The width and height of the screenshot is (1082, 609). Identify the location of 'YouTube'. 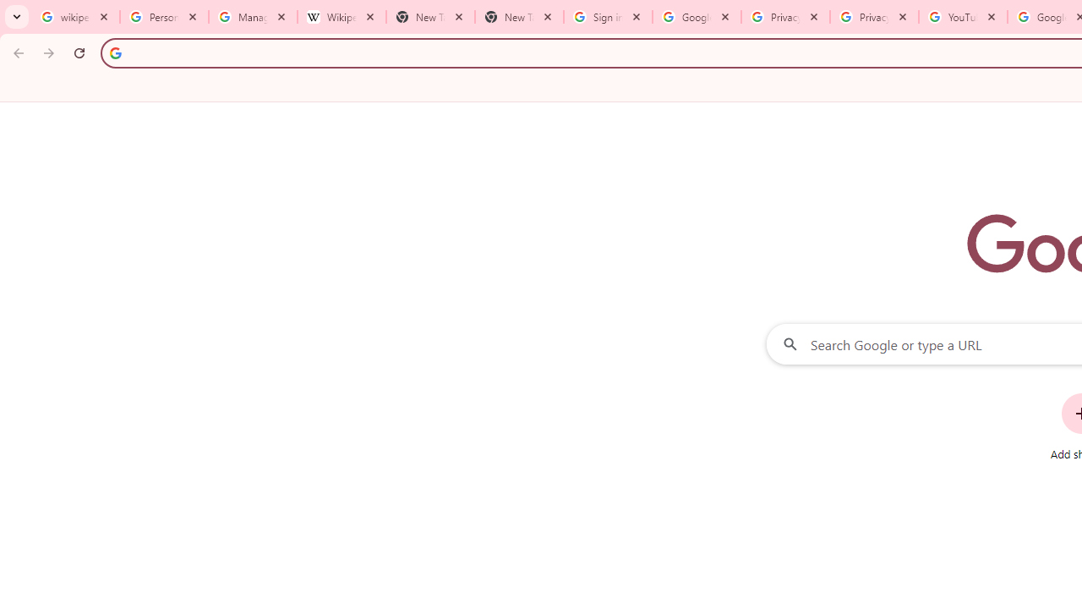
(963, 17).